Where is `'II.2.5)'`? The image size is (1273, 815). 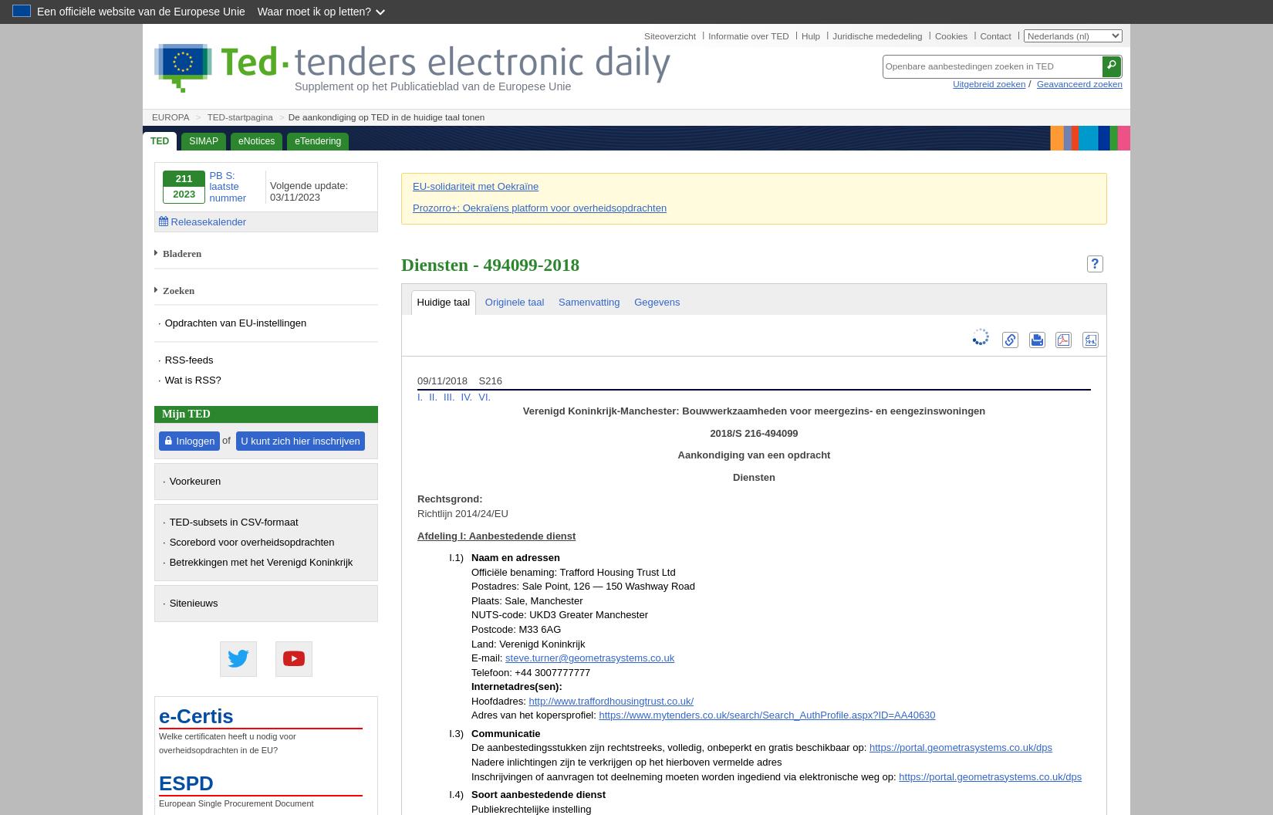 'II.2.5)' is located at coordinates (449, 303).